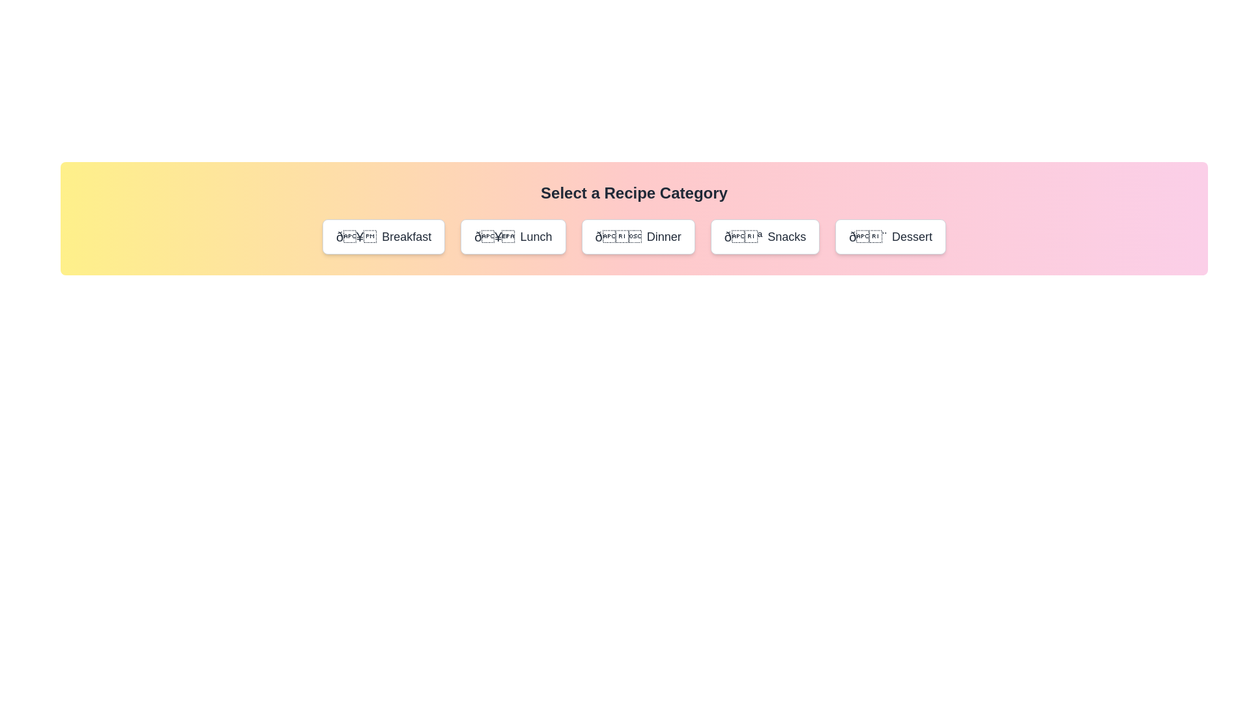 The height and width of the screenshot is (703, 1251). Describe the element at coordinates (512, 236) in the screenshot. I see `the button corresponding to the category Lunch` at that location.